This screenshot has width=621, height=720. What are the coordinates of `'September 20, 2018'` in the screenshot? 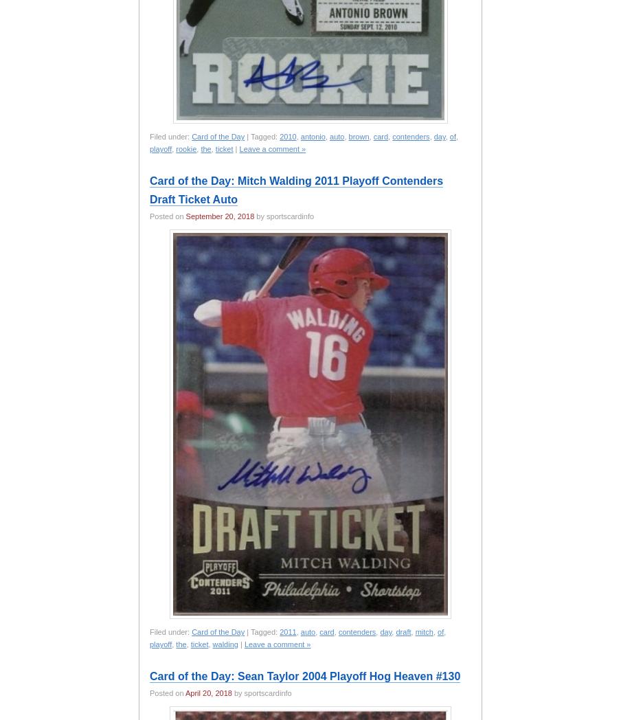 It's located at (220, 216).